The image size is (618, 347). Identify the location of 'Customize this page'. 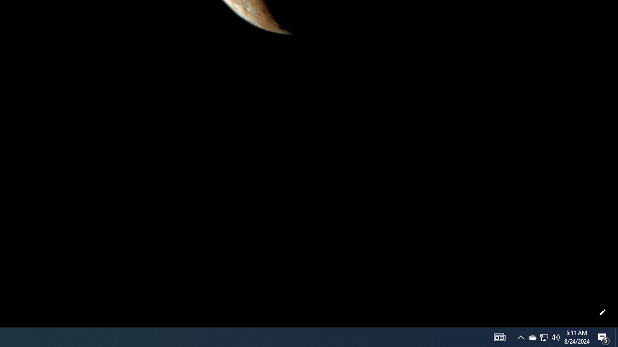
(602, 312).